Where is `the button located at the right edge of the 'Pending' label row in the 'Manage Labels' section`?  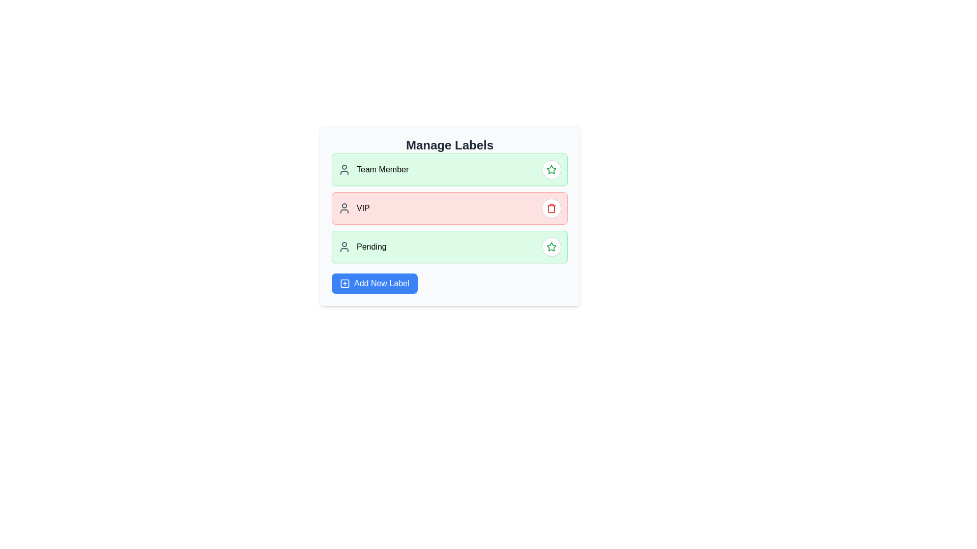
the button located at the right edge of the 'Pending' label row in the 'Manage Labels' section is located at coordinates (551, 247).